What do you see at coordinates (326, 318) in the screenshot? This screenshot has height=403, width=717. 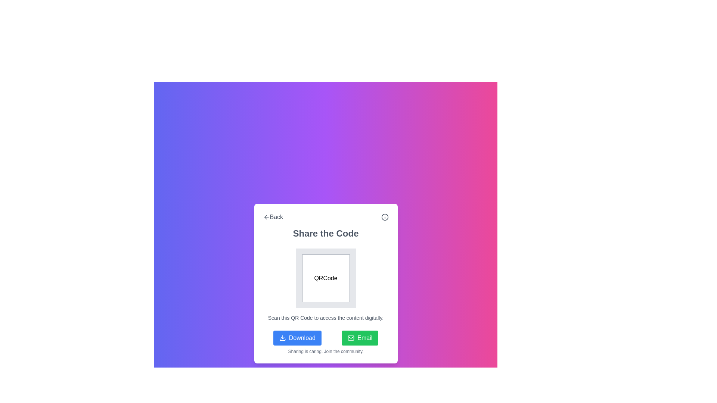 I see `the instructional static text that guides users to scan the QR code above, located within a card component beneath the QR code and above the 'Download' and 'Email' buttons` at bounding box center [326, 318].